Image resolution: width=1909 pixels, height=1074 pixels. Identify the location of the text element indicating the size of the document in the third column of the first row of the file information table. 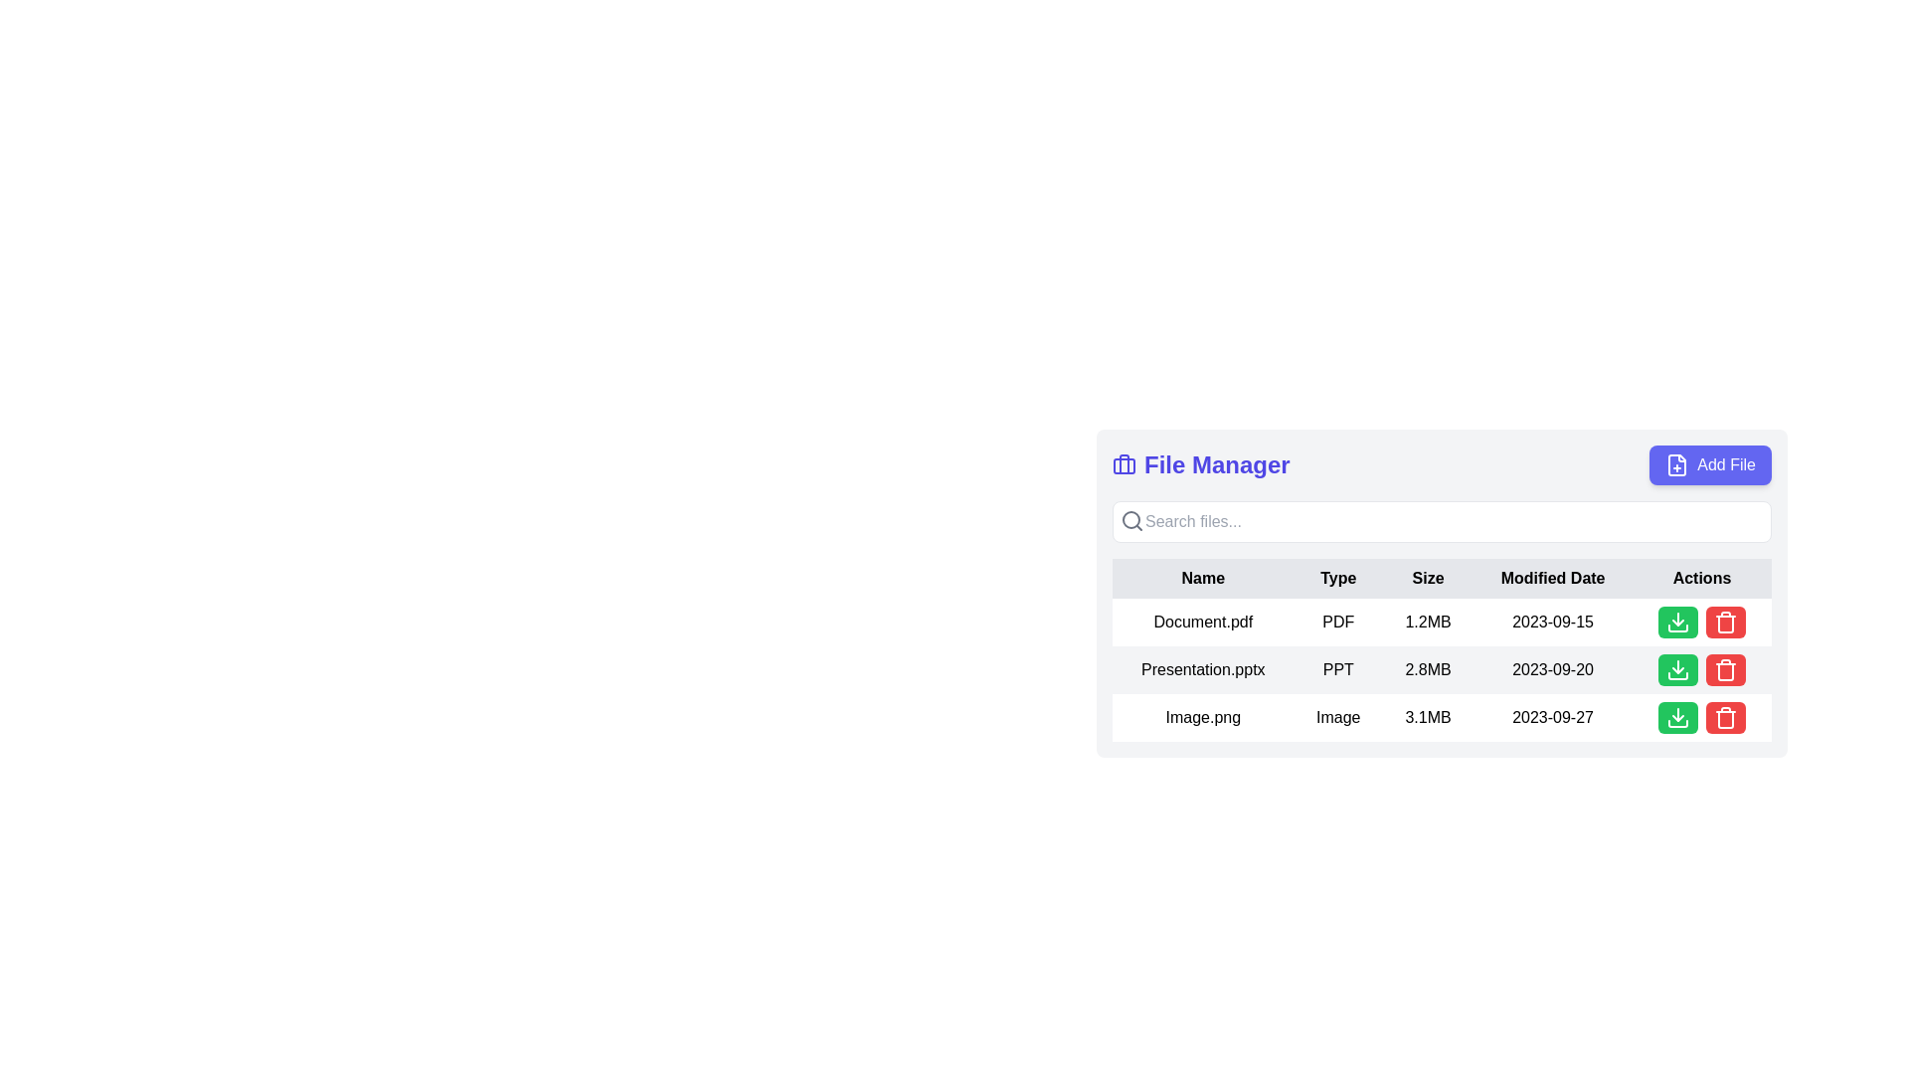
(1427, 621).